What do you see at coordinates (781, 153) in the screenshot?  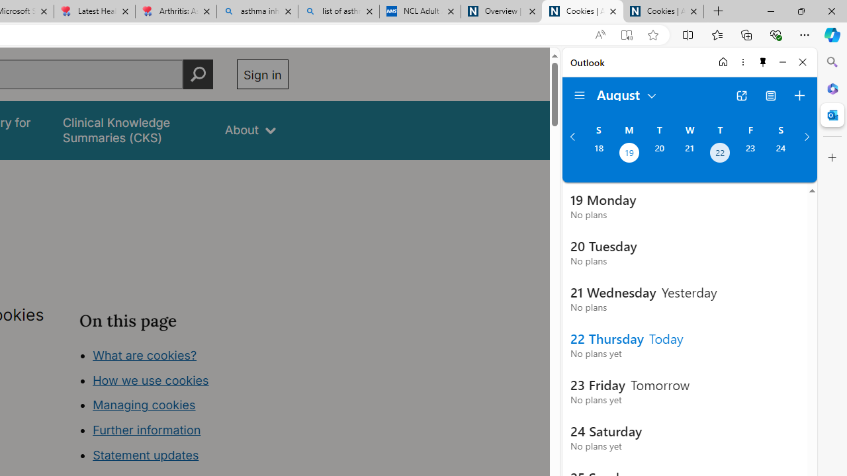 I see `'Saturday, August 24, 2024. '` at bounding box center [781, 153].